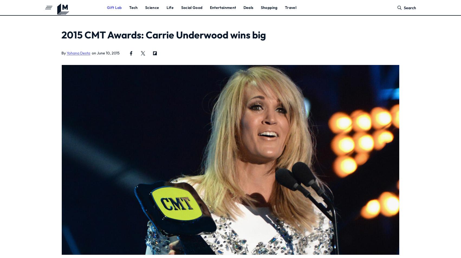 The image size is (461, 258). Describe the element at coordinates (243, 7) in the screenshot. I see `'Deals'` at that location.